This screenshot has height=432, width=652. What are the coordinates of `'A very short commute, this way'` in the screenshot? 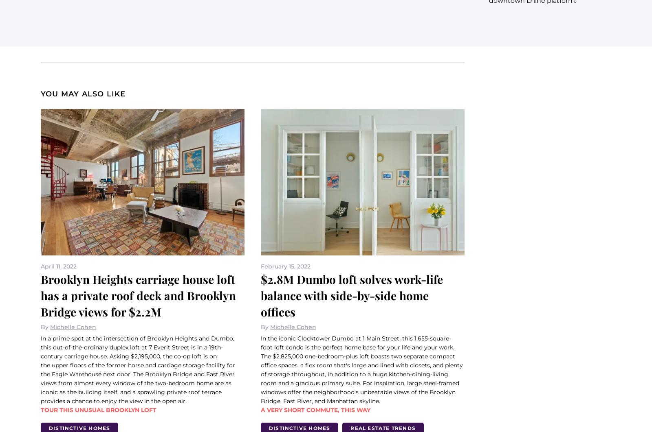 It's located at (315, 409).